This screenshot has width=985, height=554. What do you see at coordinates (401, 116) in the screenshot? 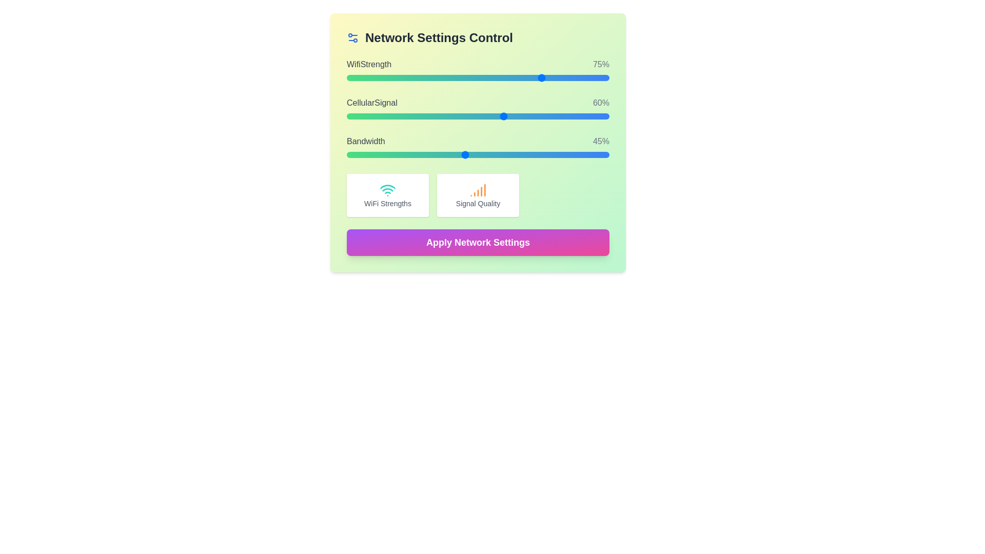
I see `the Cellular Signal slider` at bounding box center [401, 116].